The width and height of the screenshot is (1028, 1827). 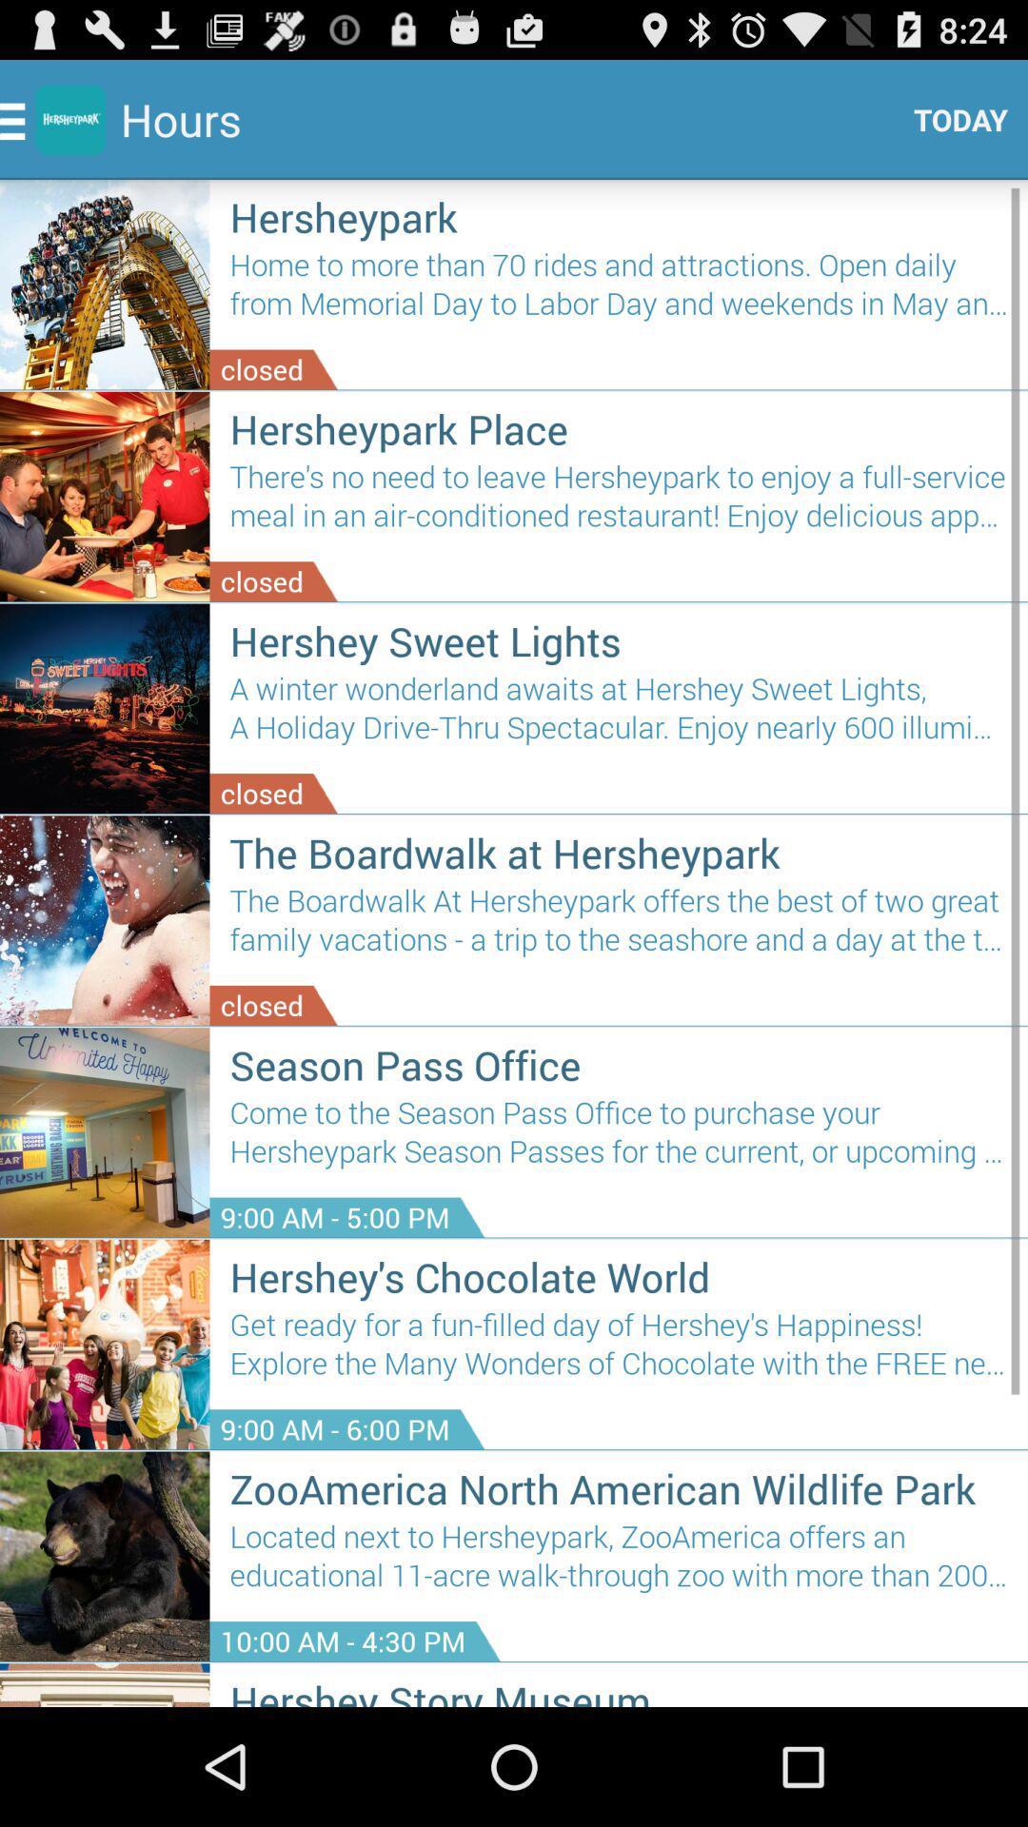 What do you see at coordinates (619, 427) in the screenshot?
I see `item above the there s no item` at bounding box center [619, 427].